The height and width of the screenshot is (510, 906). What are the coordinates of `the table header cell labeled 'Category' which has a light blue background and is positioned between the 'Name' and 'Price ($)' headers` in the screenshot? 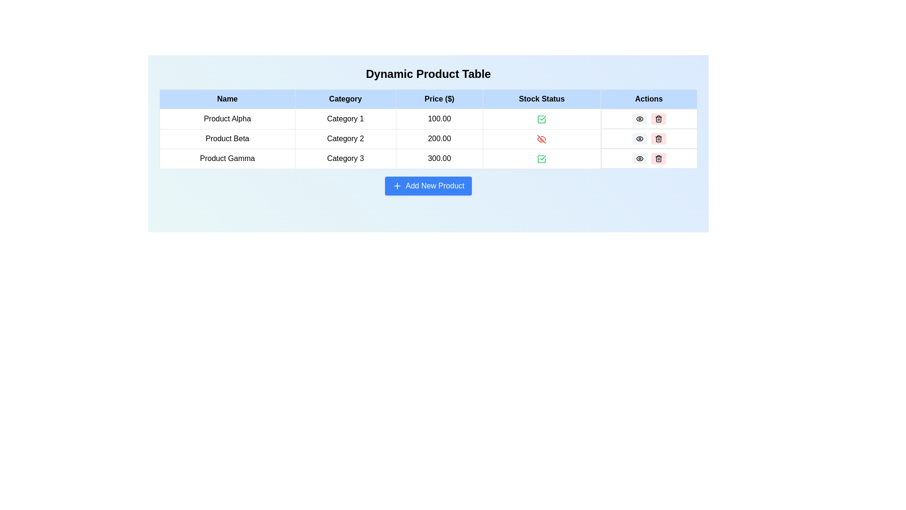 It's located at (345, 99).